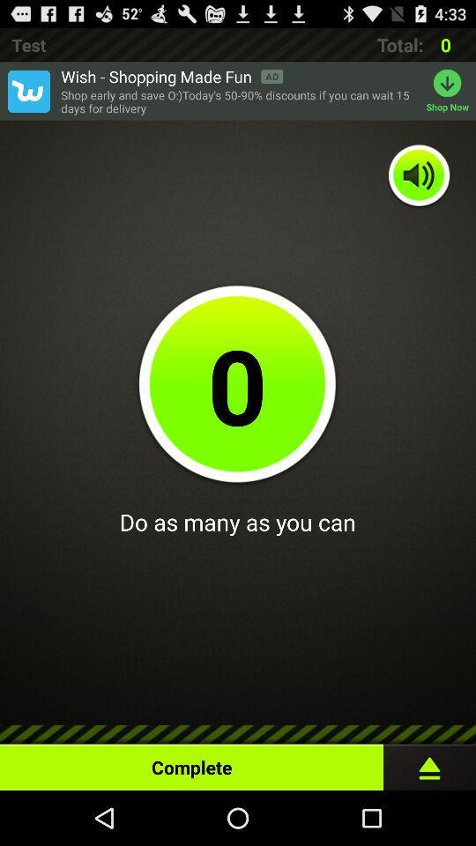 The width and height of the screenshot is (476, 846). I want to click on record, so click(428, 762).